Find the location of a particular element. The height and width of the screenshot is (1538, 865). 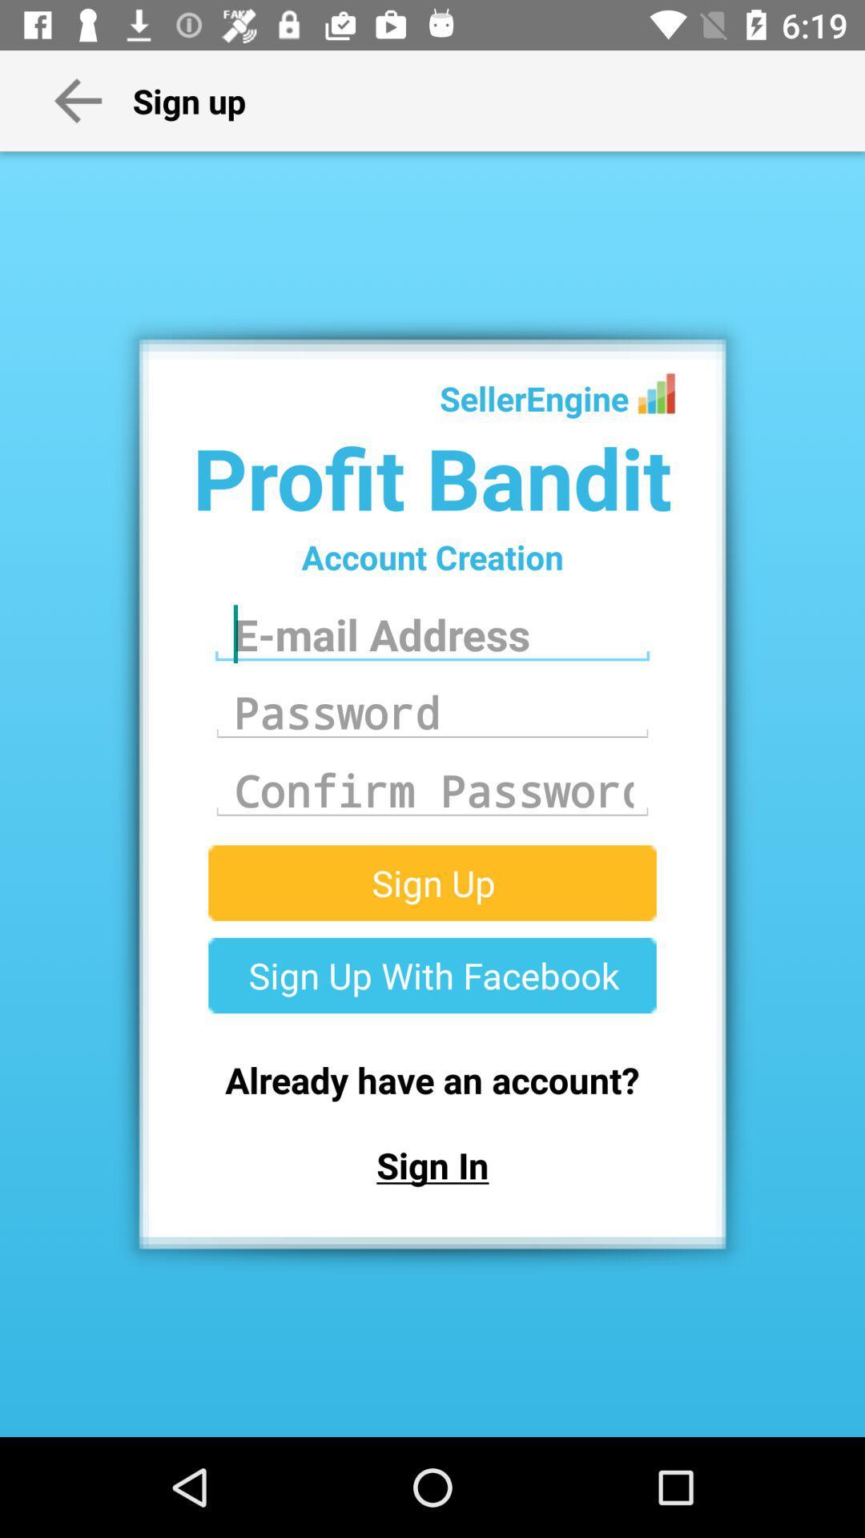

the icon to the left of sign up icon is located at coordinates (78, 99).